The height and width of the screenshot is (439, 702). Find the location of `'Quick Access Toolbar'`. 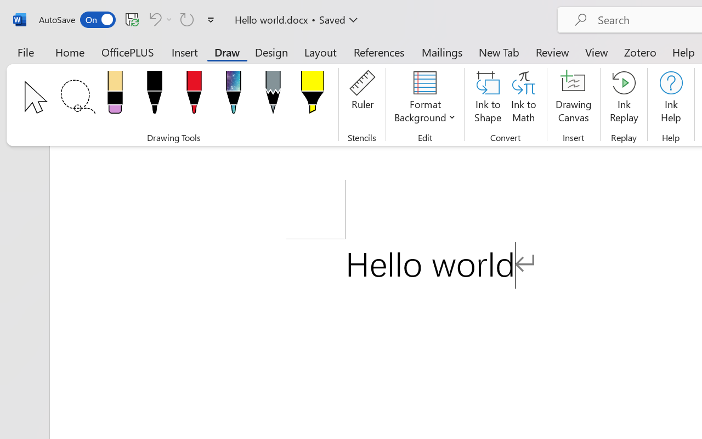

'Quick Access Toolbar' is located at coordinates (128, 19).